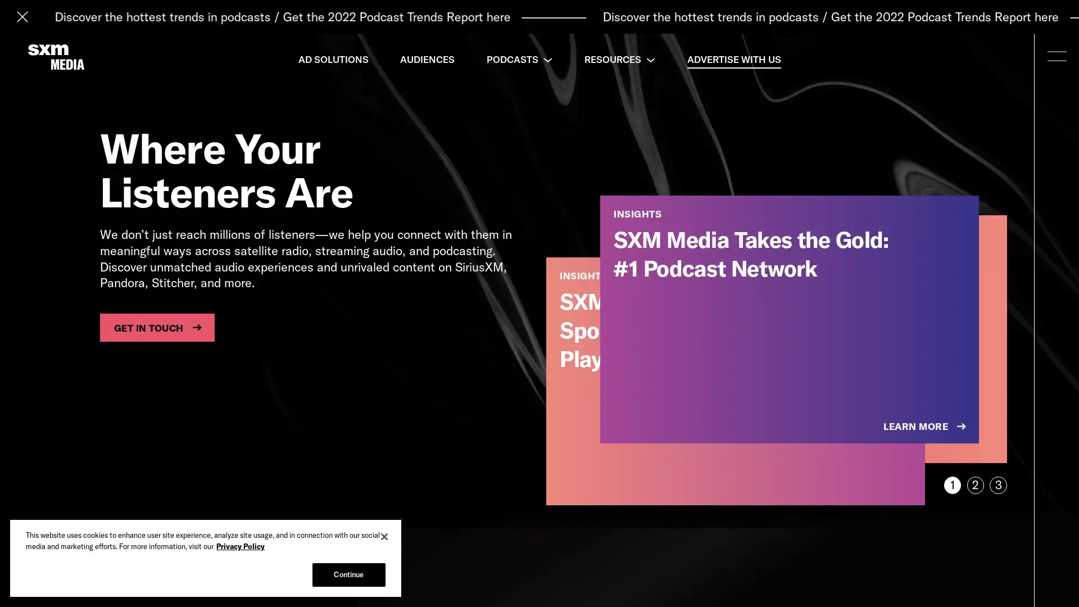 Image resolution: width=1079 pixels, height=607 pixels. Describe the element at coordinates (384, 536) in the screenshot. I see `Close` at that location.